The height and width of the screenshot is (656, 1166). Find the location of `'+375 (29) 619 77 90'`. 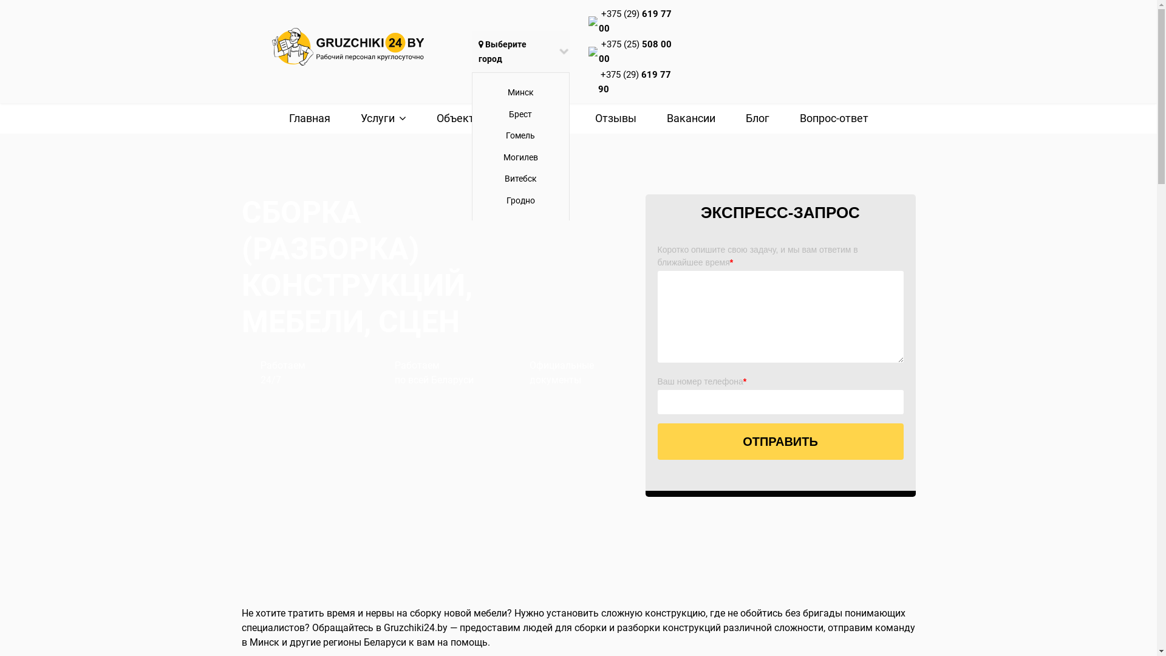

'+375 (29) 619 77 90' is located at coordinates (634, 82).